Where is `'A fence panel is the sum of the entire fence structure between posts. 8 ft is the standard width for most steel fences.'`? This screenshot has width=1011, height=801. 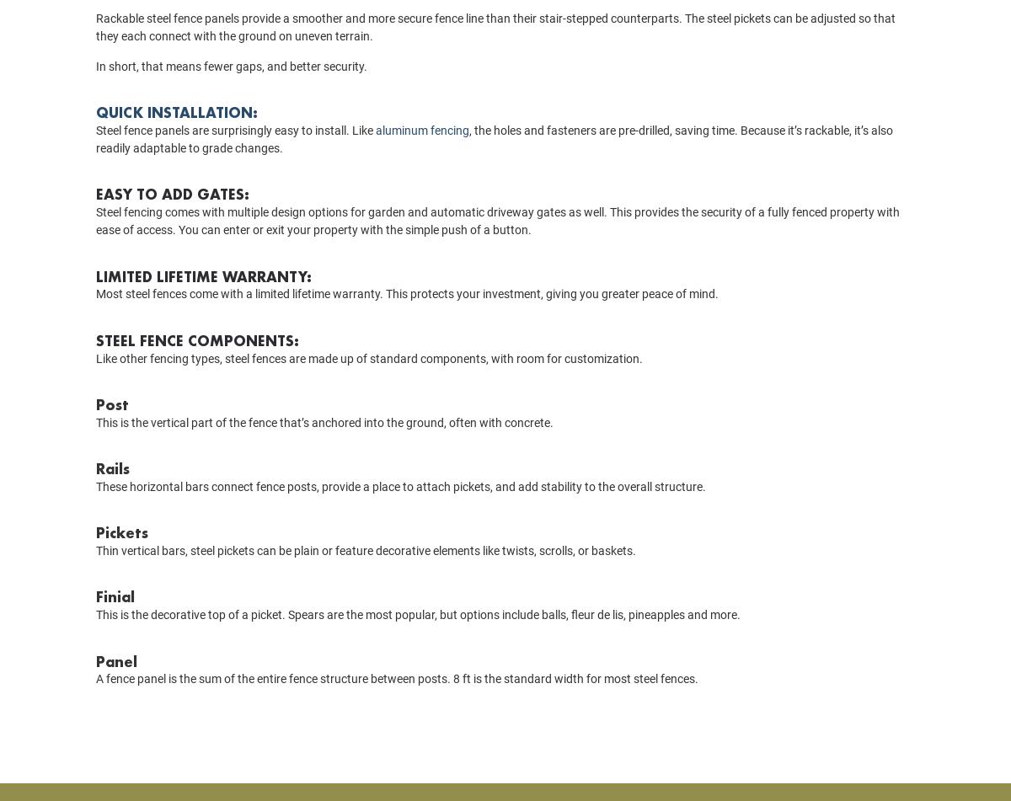
'A fence panel is the sum of the entire fence structure between posts. 8 ft is the standard width for most steel fences.' is located at coordinates (396, 702).